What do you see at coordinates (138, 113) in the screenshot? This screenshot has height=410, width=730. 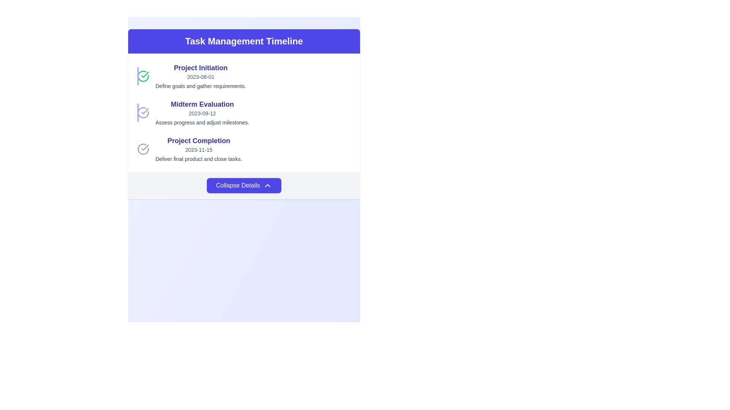 I see `the vertical decorative line located to the immediate left of the text 'Midterm Evaluation', which serves to visually organize the section` at bounding box center [138, 113].